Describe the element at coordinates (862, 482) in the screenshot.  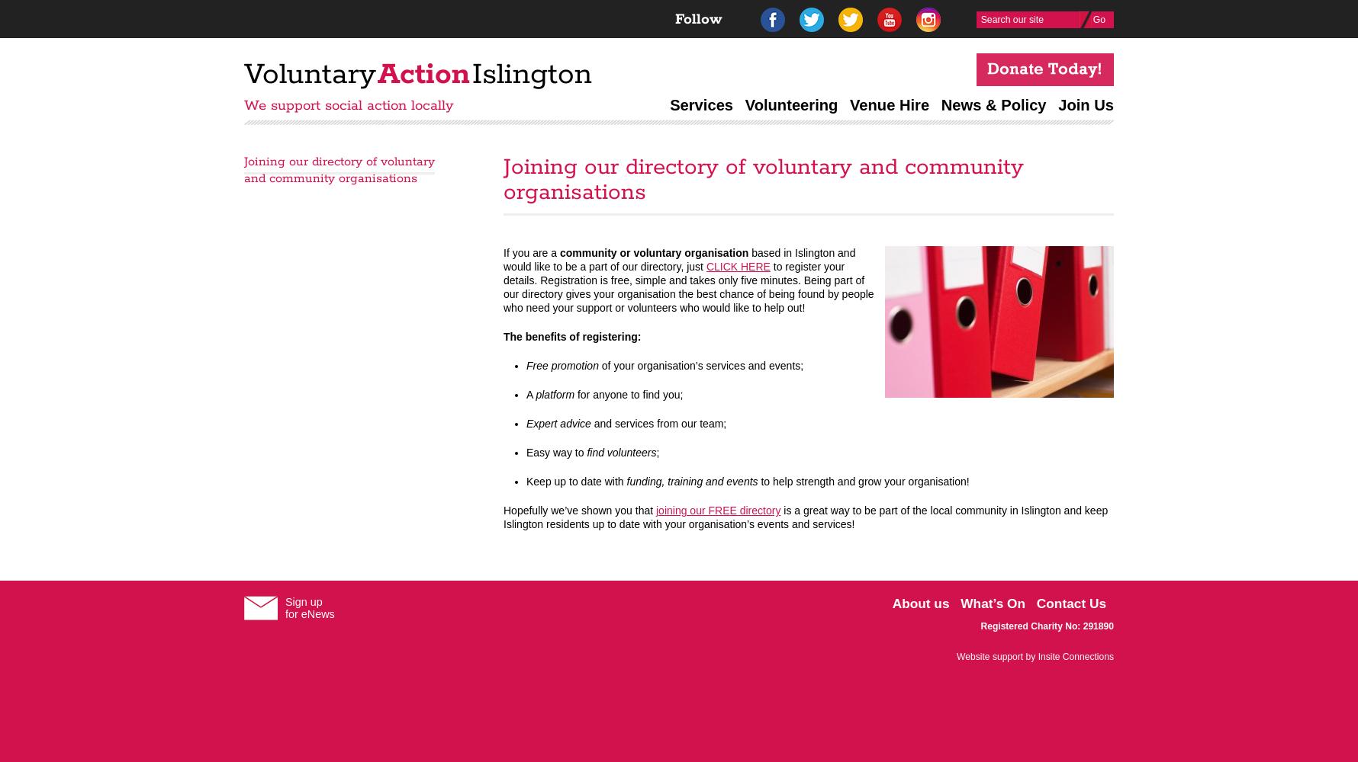
I see `'to help strength and grow your organisation!'` at that location.